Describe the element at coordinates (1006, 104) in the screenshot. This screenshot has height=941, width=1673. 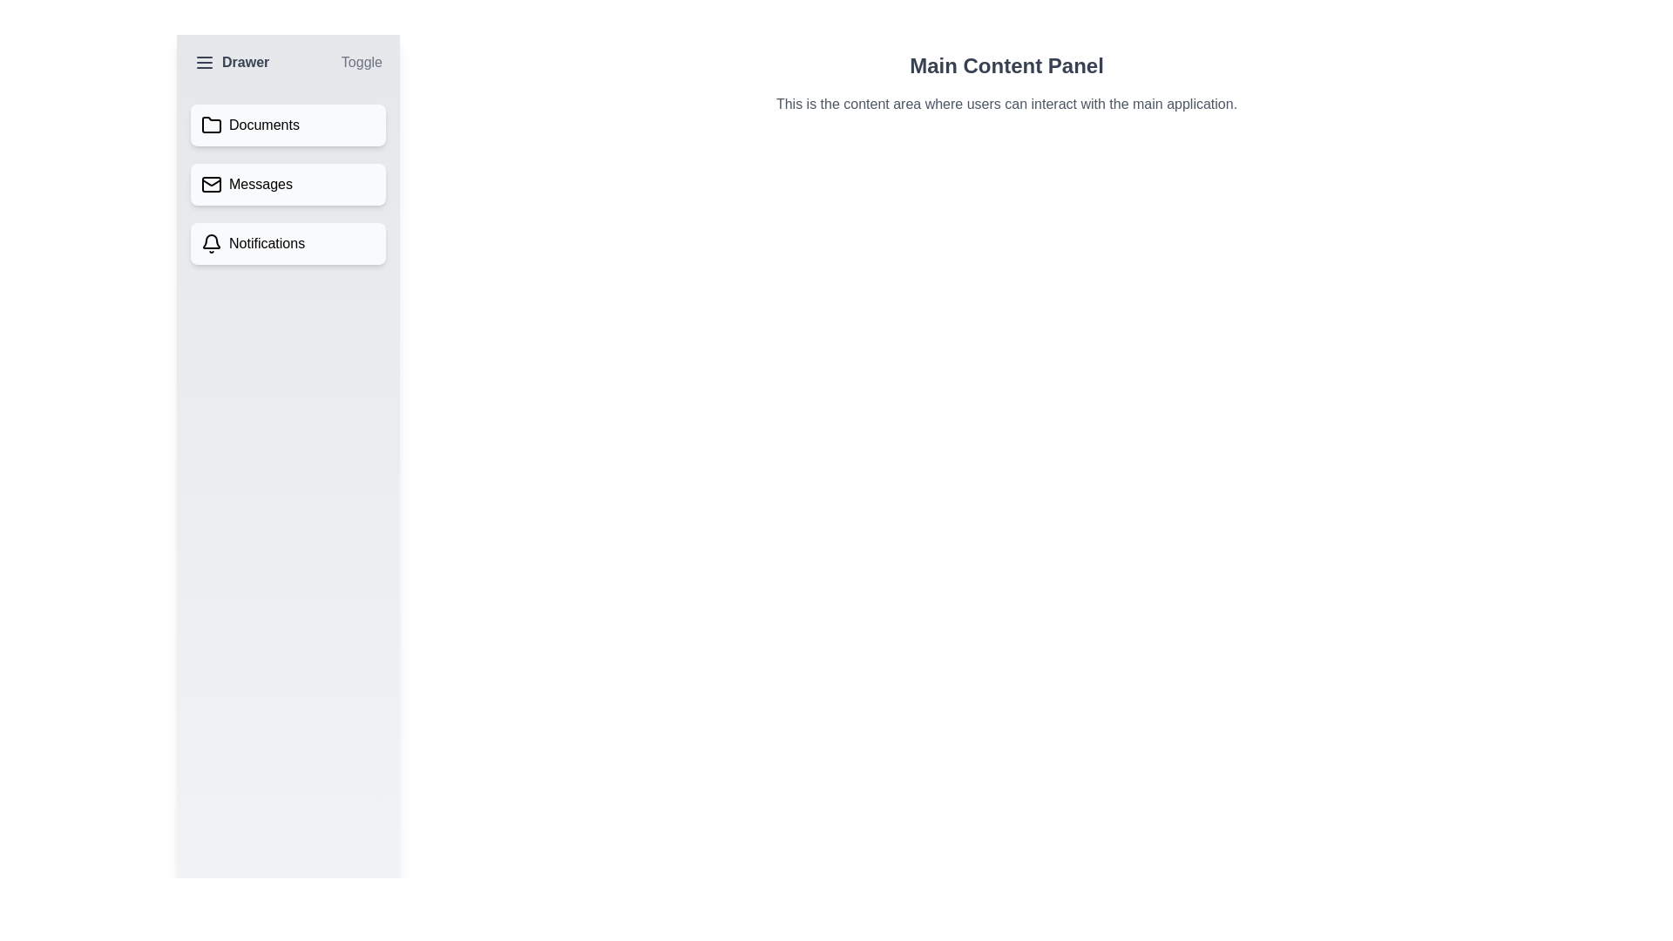
I see `static text element that displays 'This is the content area where users can interact with the main application.' located directly under the 'Main Content Panel' heading` at that location.